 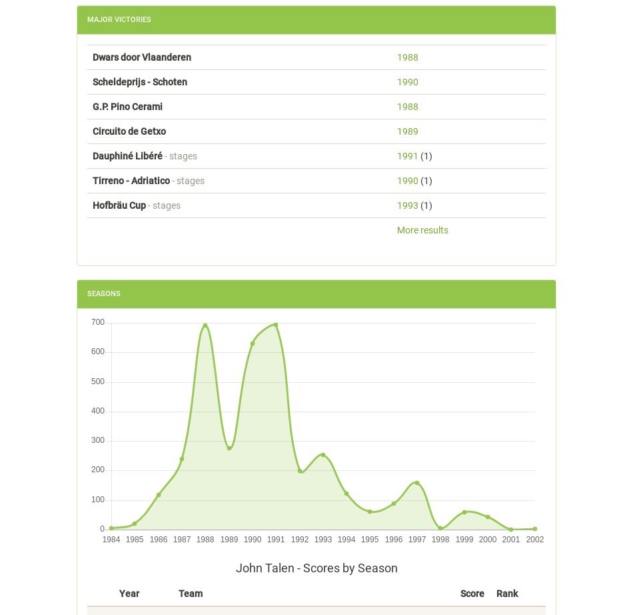 I want to click on 'Tirreno - Adriatico', so click(x=131, y=179).